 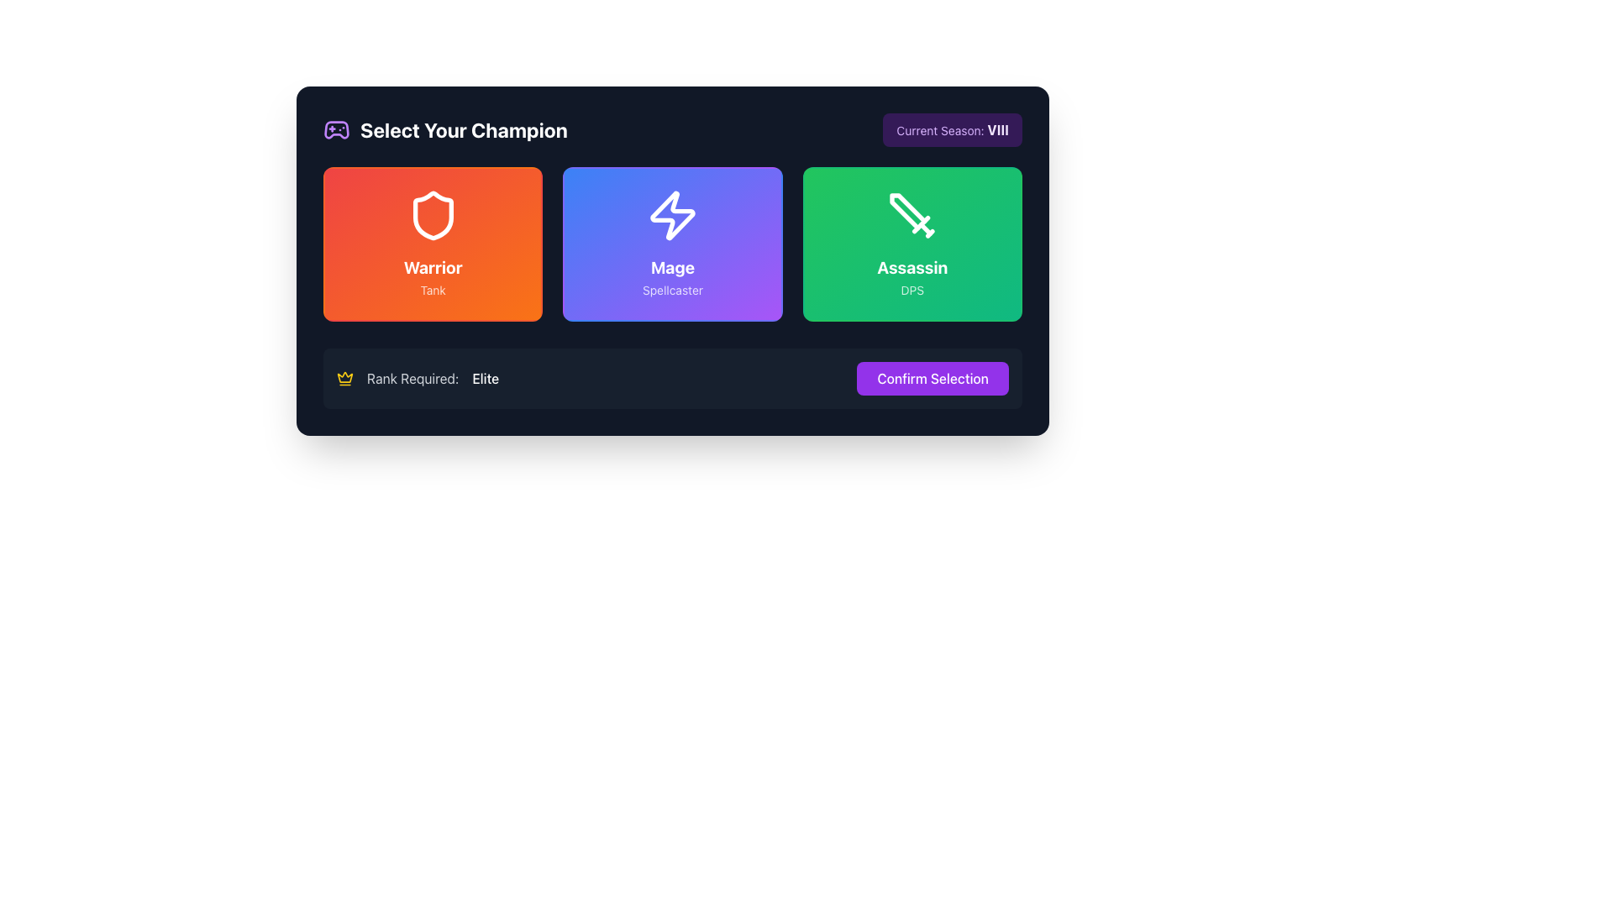 I want to click on the 'Mage' character class icon in the central card of the selection interface, which is the second card titled 'Mage Spellcaster', so click(x=673, y=215).